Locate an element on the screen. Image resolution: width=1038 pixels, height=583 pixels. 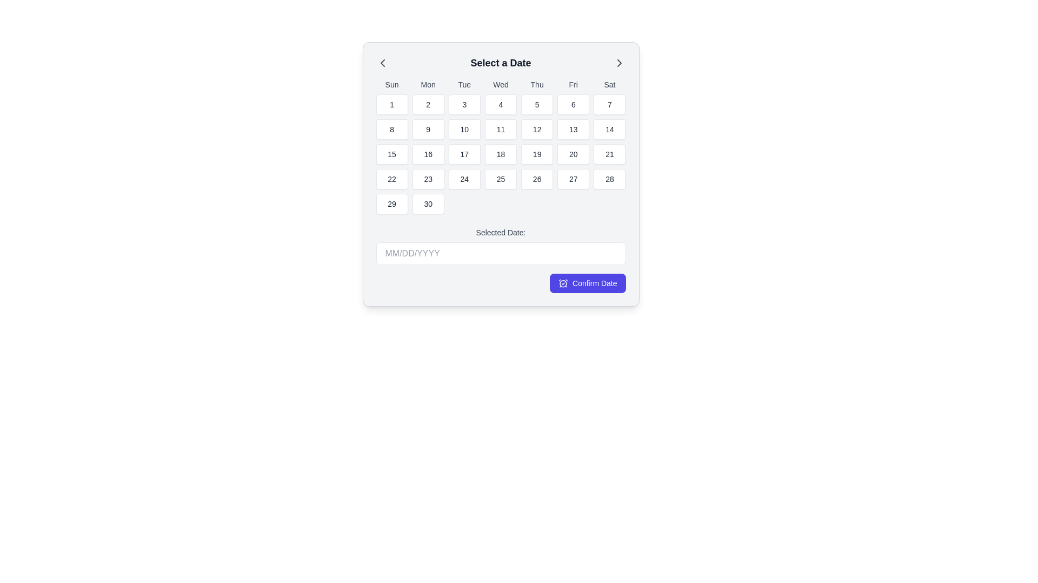
the button labeled '3' located in the calendar grid under the 'Tue' column is located at coordinates (464, 104).